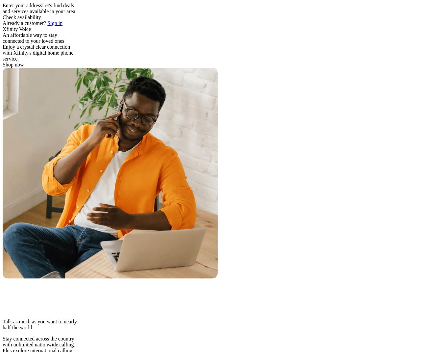 Image resolution: width=430 pixels, height=352 pixels. I want to click on 'Talk as much as you want to', so click(33, 321).